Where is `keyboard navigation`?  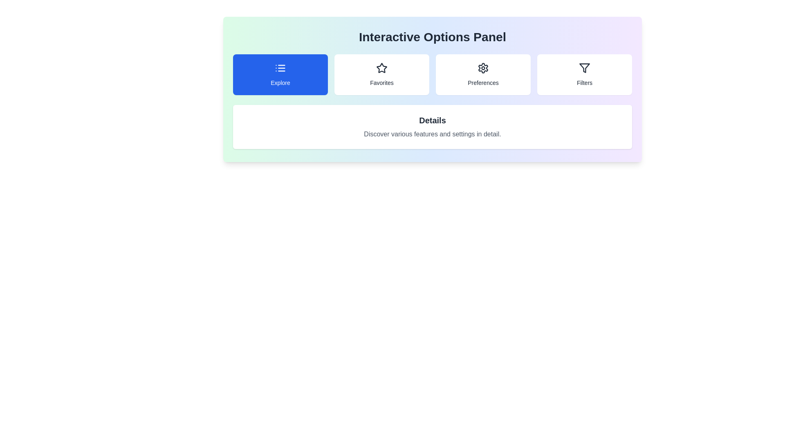 keyboard navigation is located at coordinates (584, 67).